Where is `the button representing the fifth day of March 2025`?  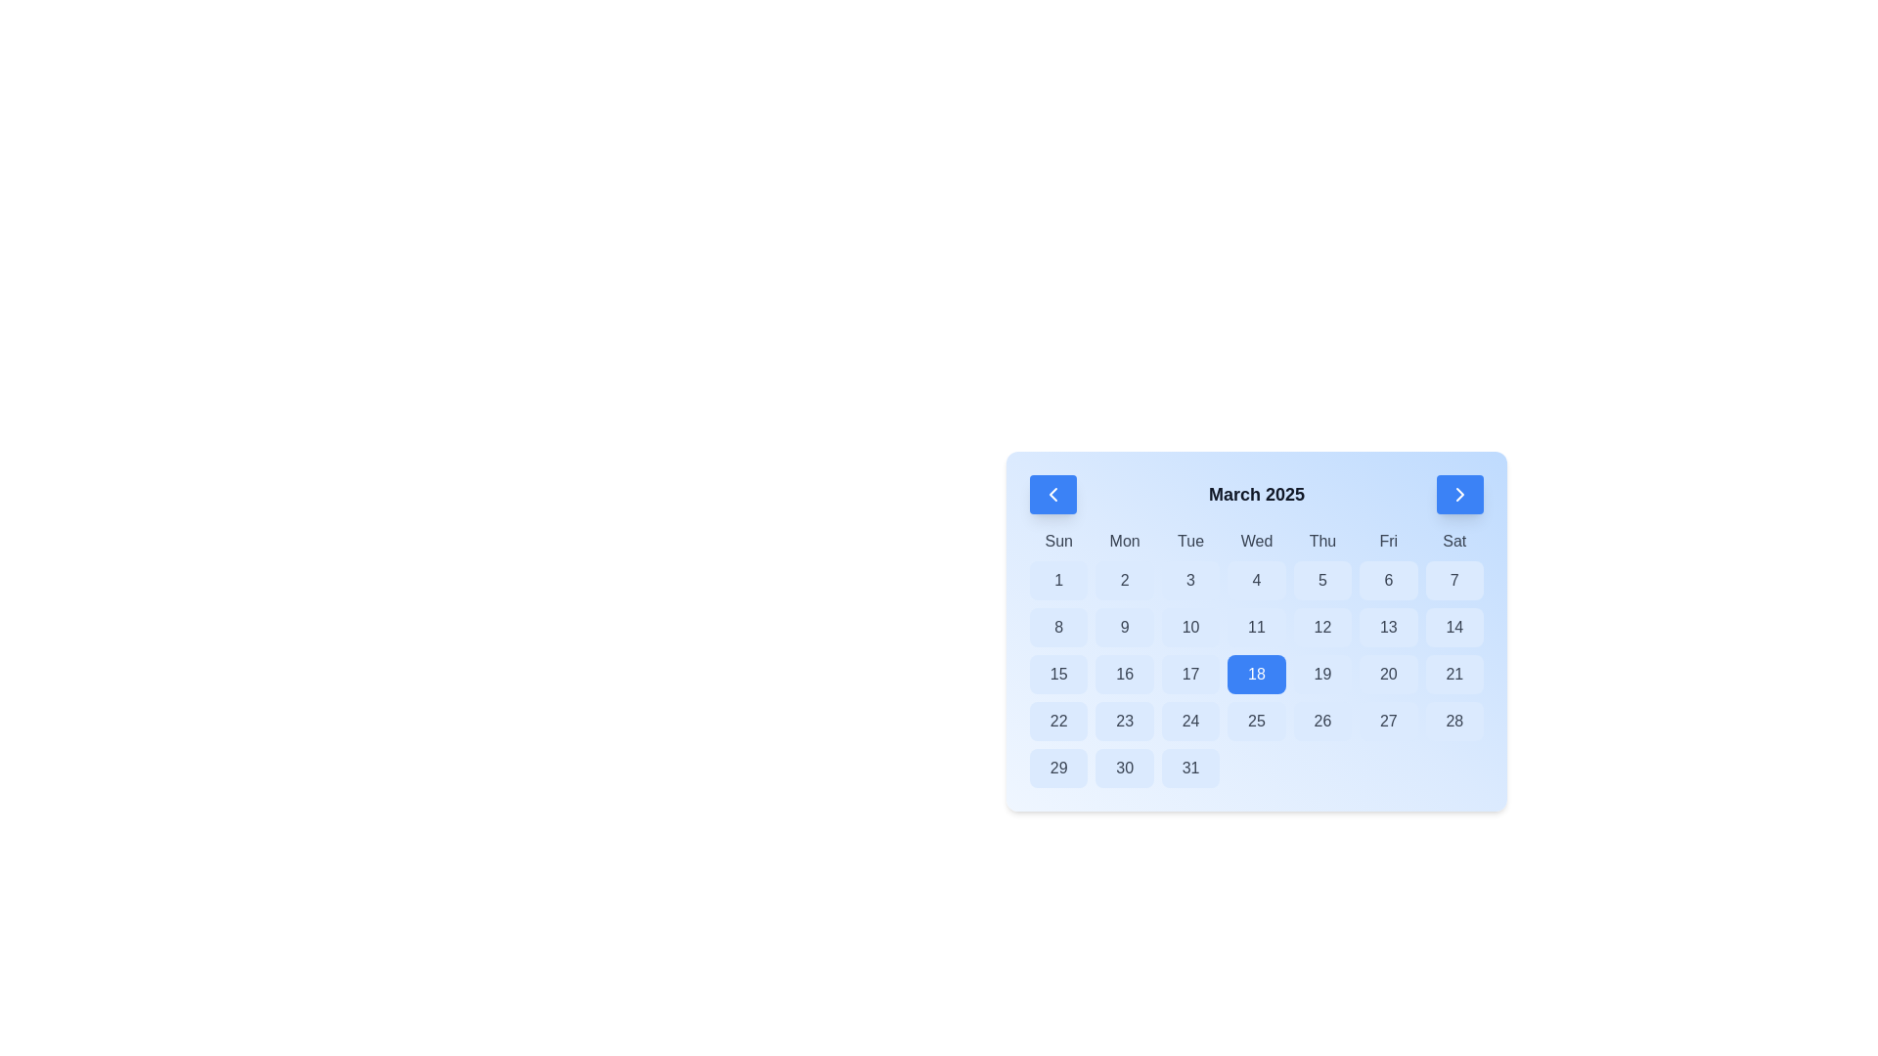 the button representing the fifth day of March 2025 is located at coordinates (1322, 580).